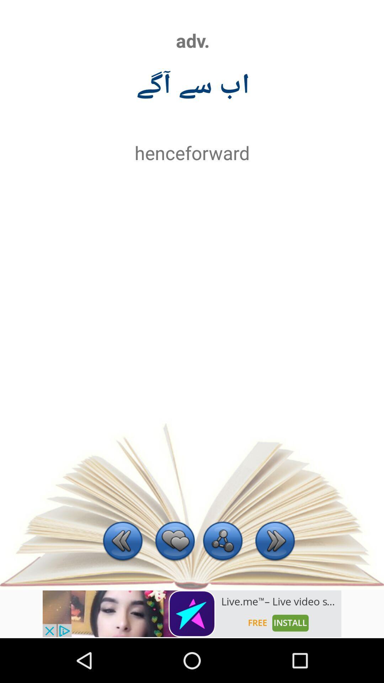 This screenshot has width=384, height=683. I want to click on previous, so click(122, 541).